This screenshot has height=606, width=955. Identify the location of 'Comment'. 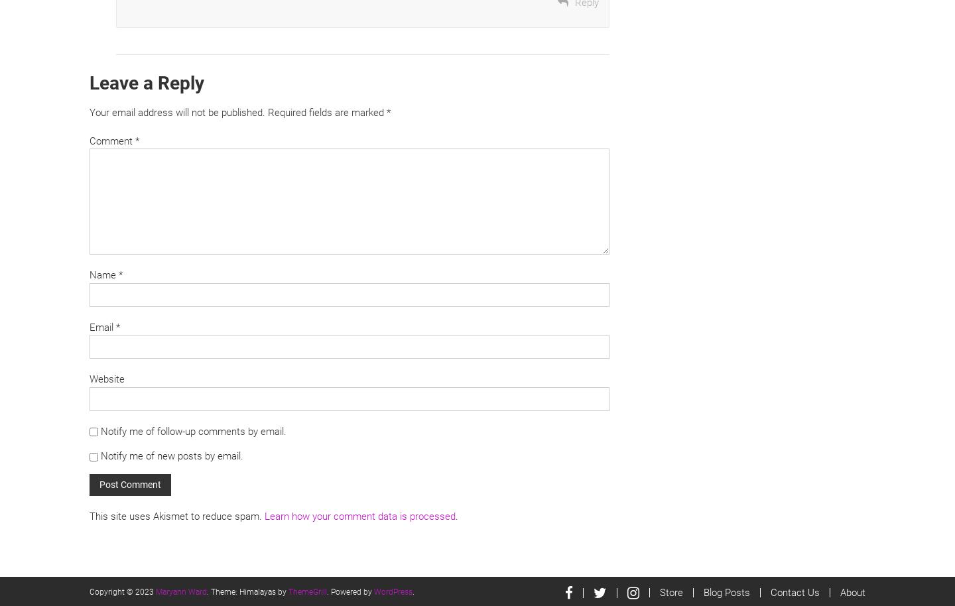
(89, 140).